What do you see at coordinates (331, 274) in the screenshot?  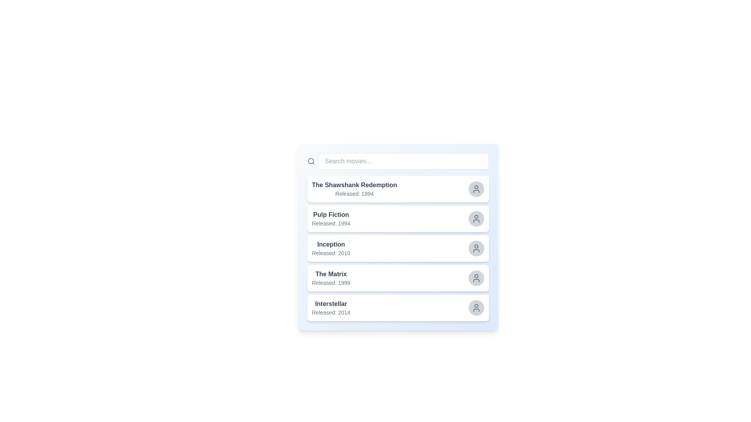 I see `the text label displaying the title 'The Matrix'` at bounding box center [331, 274].